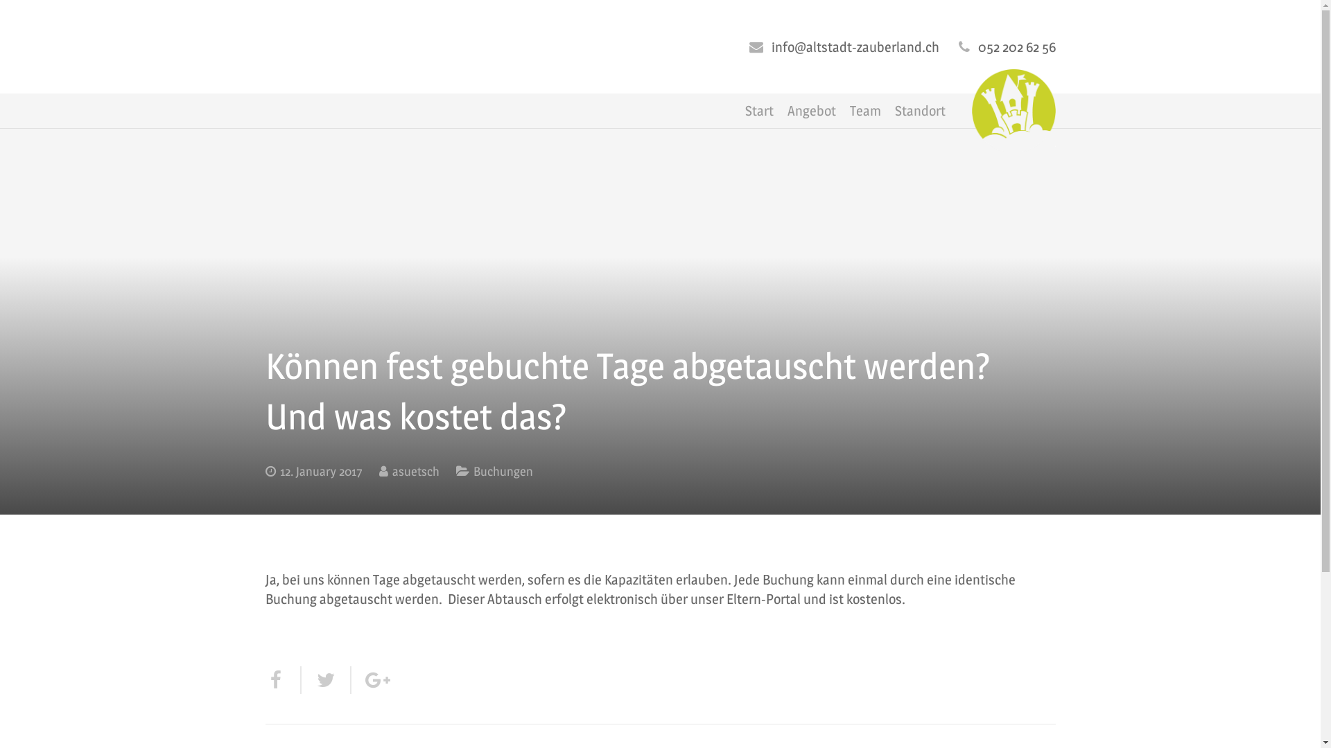  Describe the element at coordinates (368, 679) in the screenshot. I see `'Share this'` at that location.